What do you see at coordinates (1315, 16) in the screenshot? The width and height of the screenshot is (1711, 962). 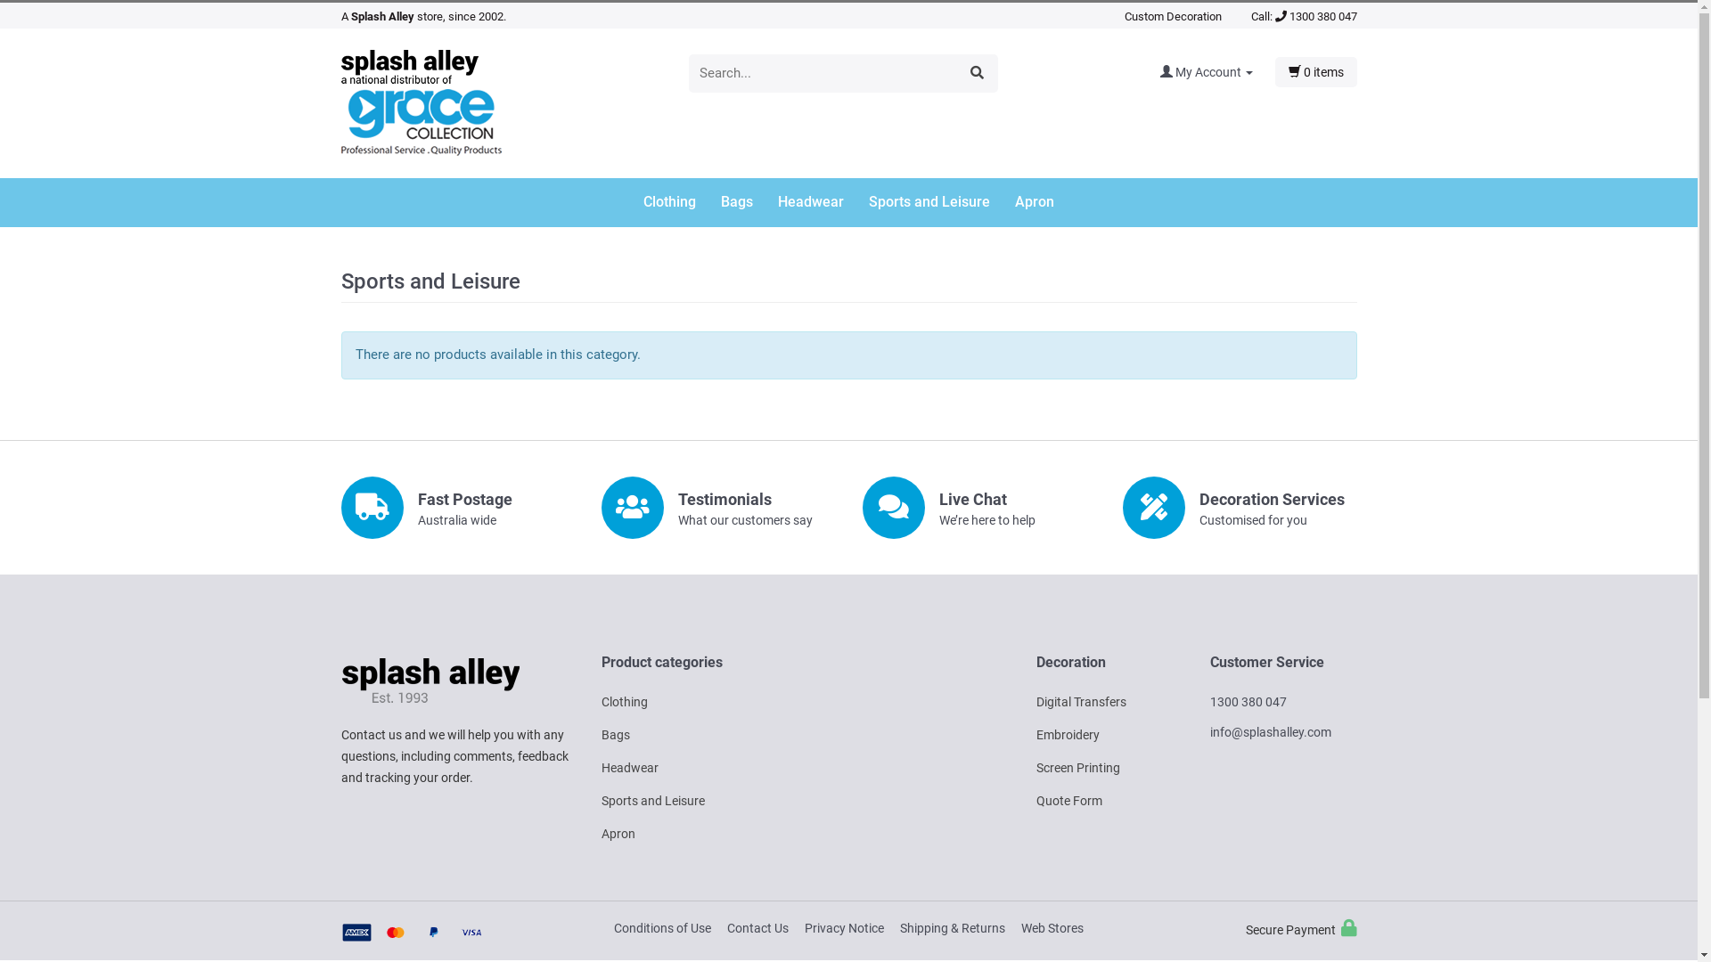 I see `'1300 380 047'` at bounding box center [1315, 16].